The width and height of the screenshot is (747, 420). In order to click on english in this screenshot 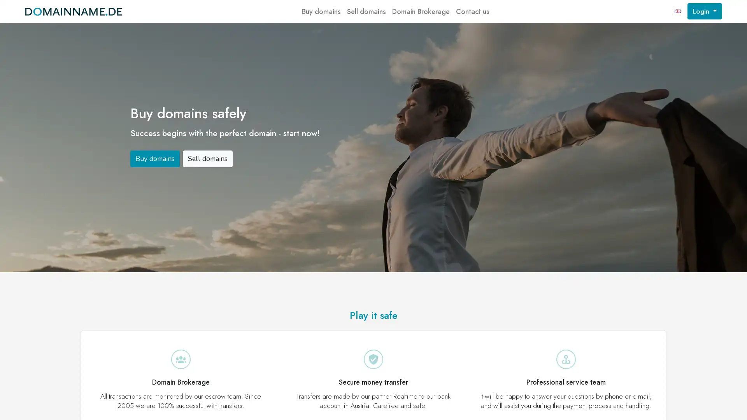, I will do `click(677, 11)`.